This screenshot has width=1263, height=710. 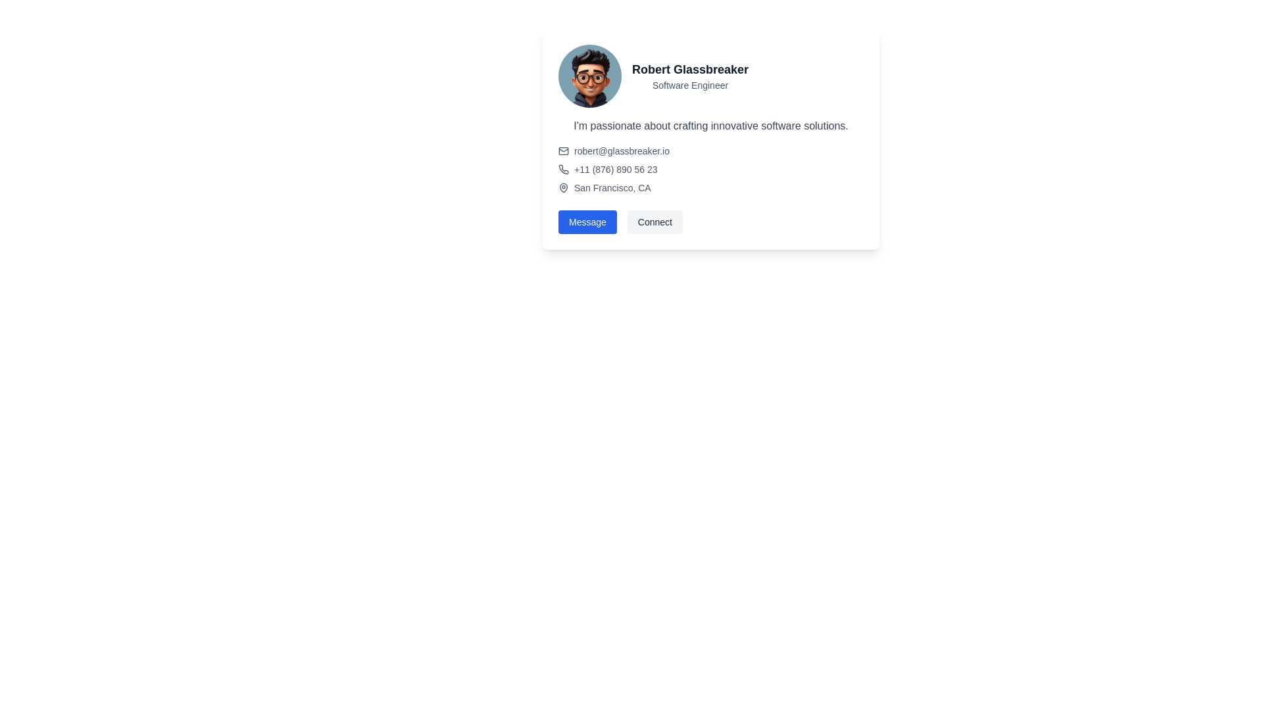 What do you see at coordinates (710, 169) in the screenshot?
I see `the phone number '+11 (876) 890 56 23' styled as a hyperlink, which is the second item in the profile details section, to initiate a call` at bounding box center [710, 169].